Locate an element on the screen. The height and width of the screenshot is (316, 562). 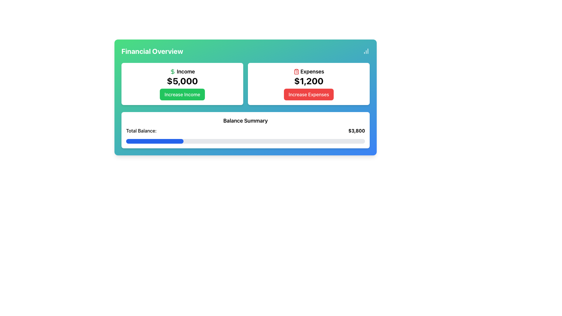
the green dollar sign icon that is located to the left of the text 'Income' is located at coordinates (172, 71).